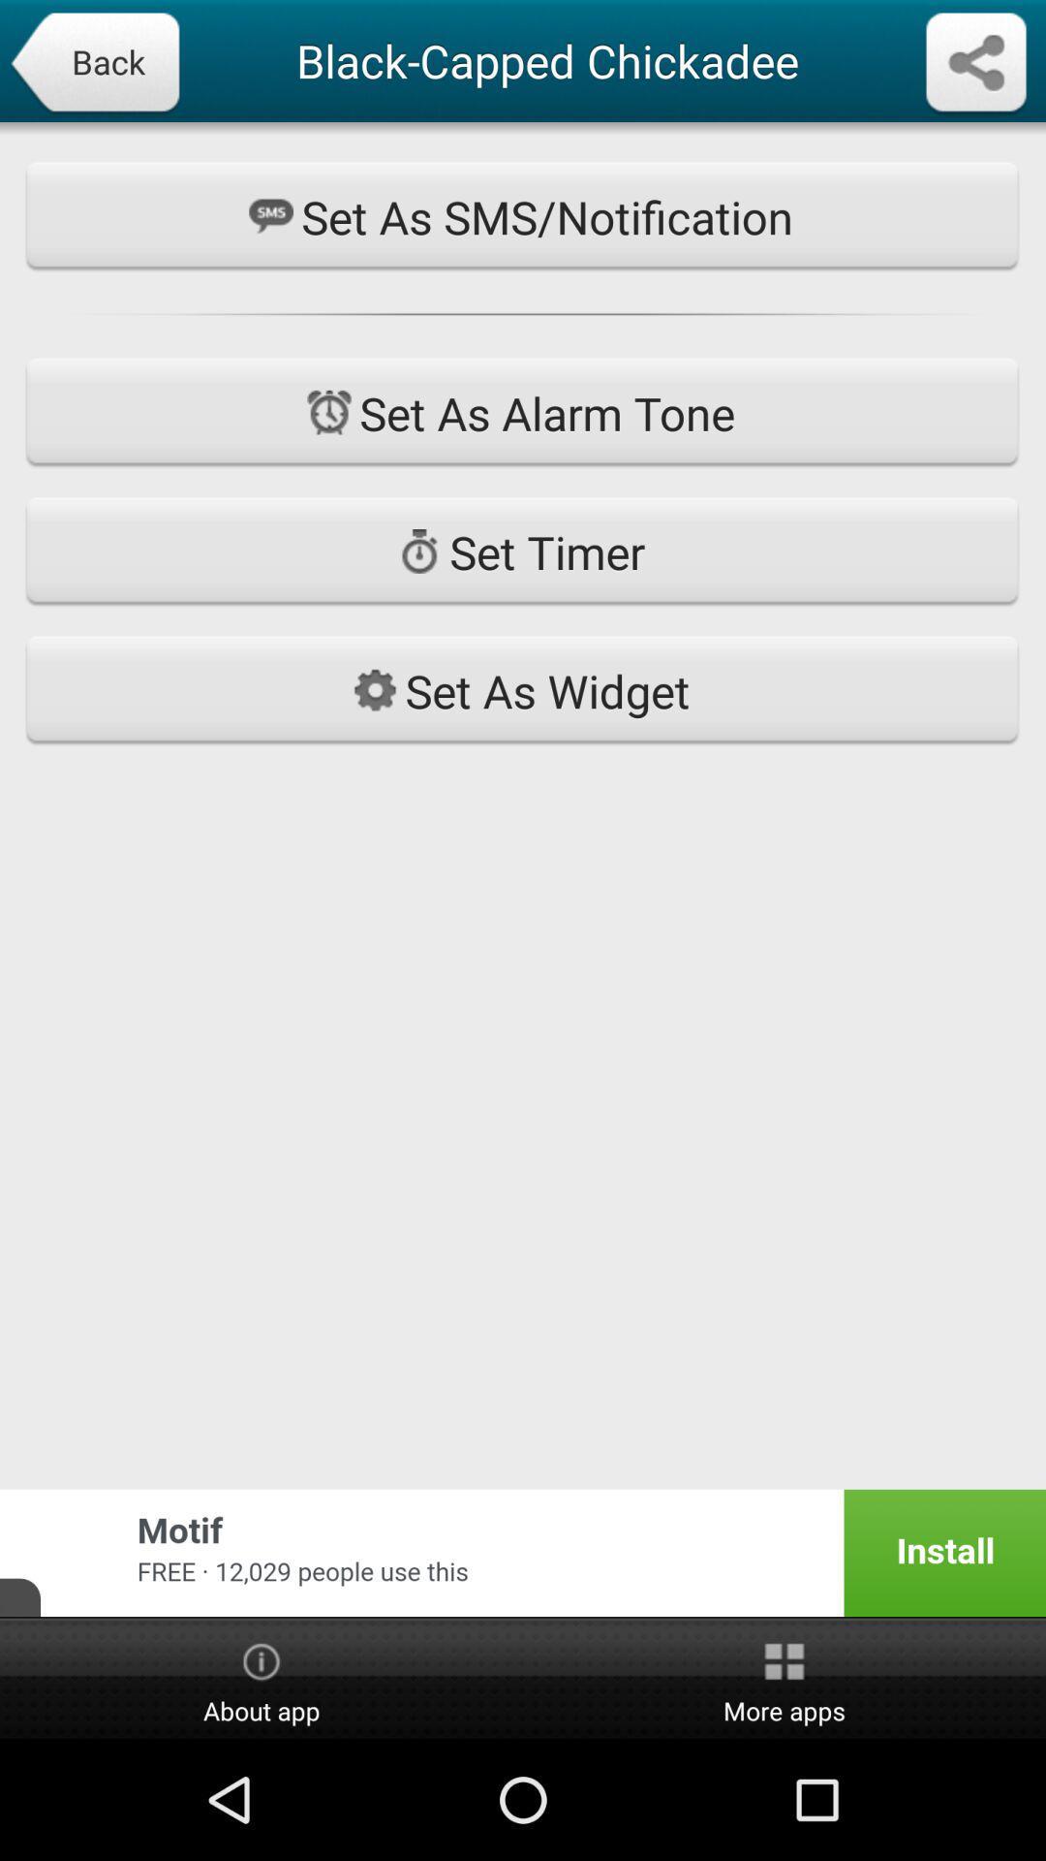 The width and height of the screenshot is (1046, 1861). Describe the element at coordinates (975, 64) in the screenshot. I see `the app to the right of black-capped chickadee icon` at that location.